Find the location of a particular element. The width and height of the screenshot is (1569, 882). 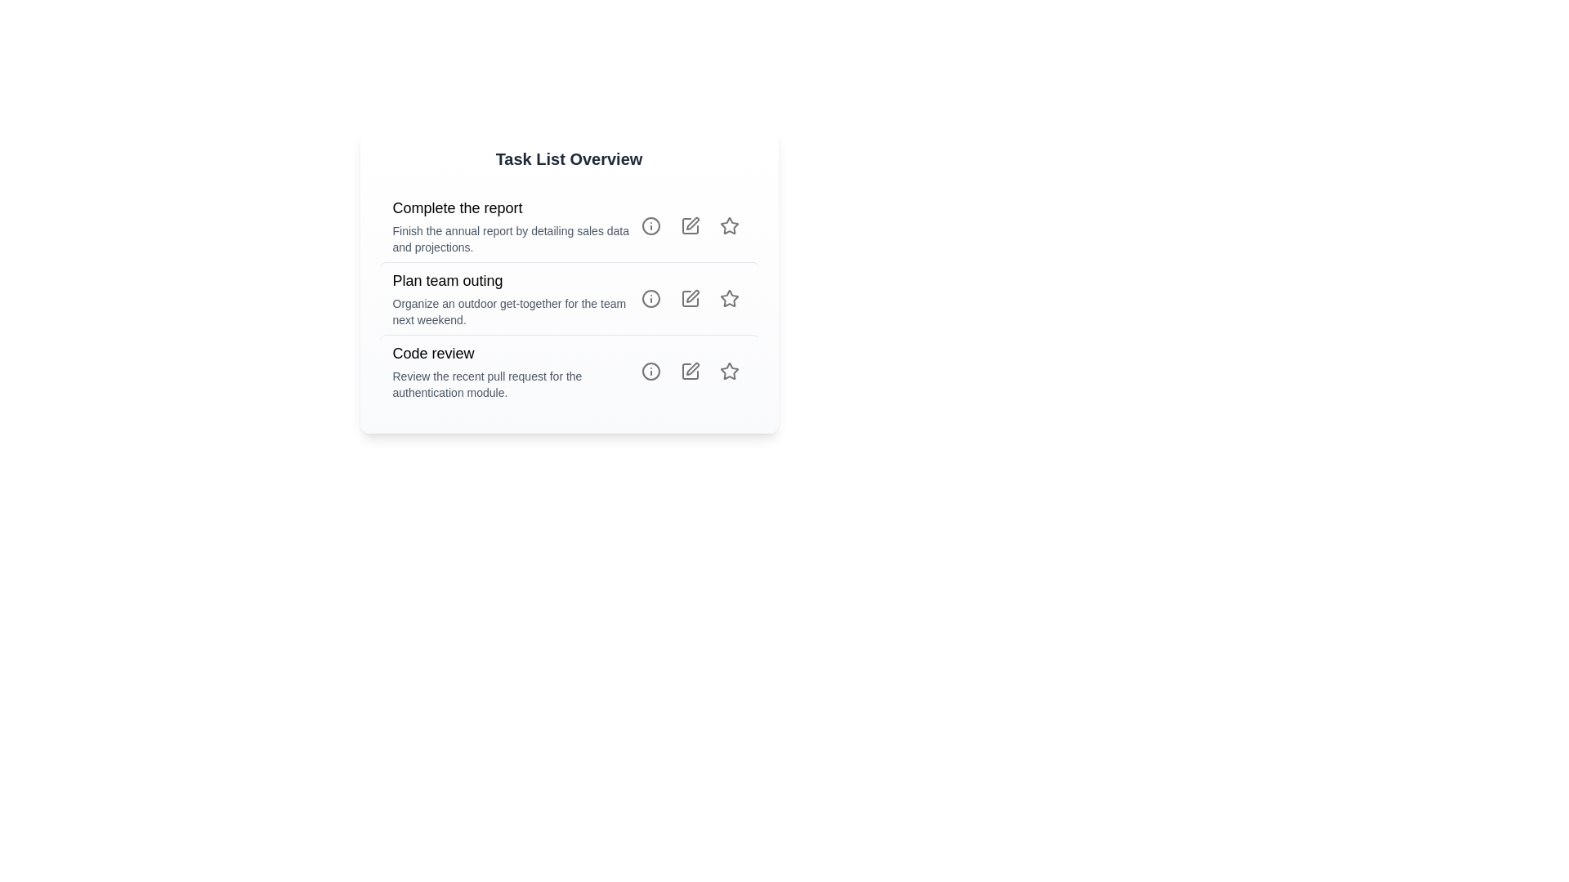

the third star-shaped icon outlined in gray, which is located to the right of the 'Code review' entry in a vertical list of tasks is located at coordinates (728, 371).